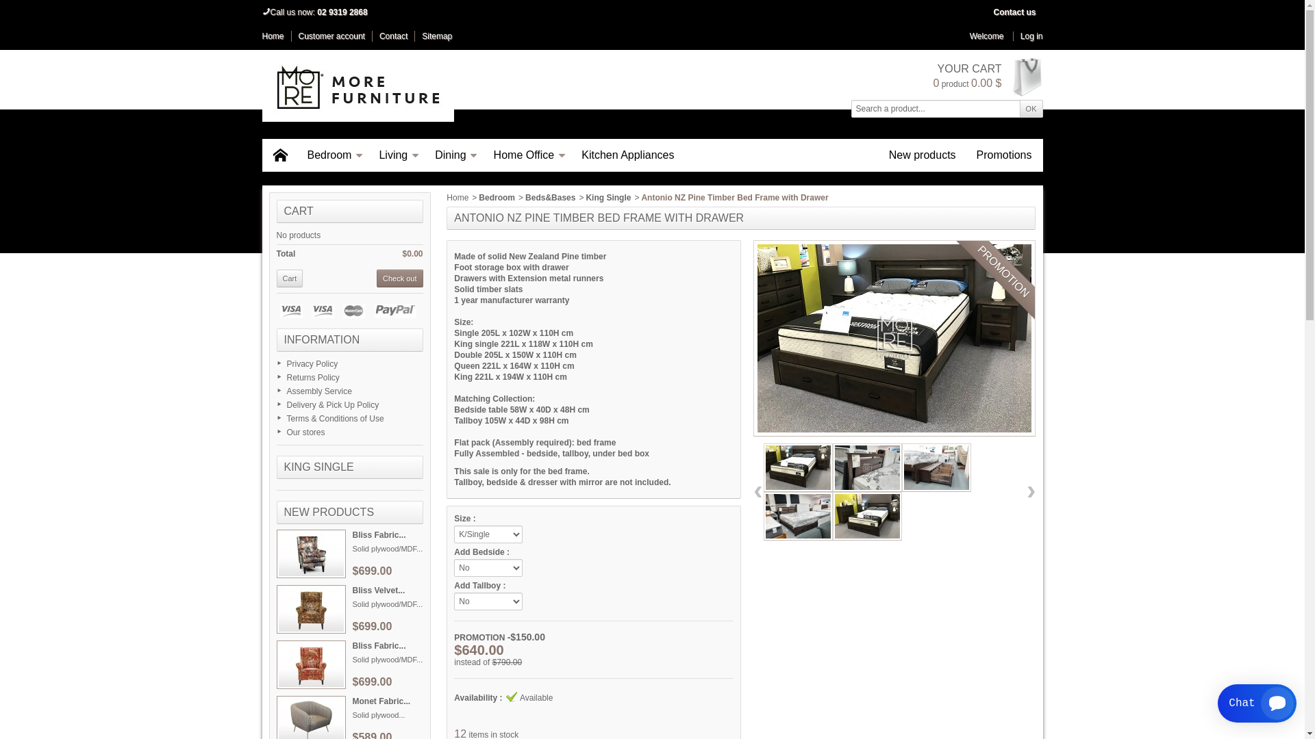 Image resolution: width=1315 pixels, height=739 pixels. Describe the element at coordinates (312, 377) in the screenshot. I see `'Returns Policy'` at that location.